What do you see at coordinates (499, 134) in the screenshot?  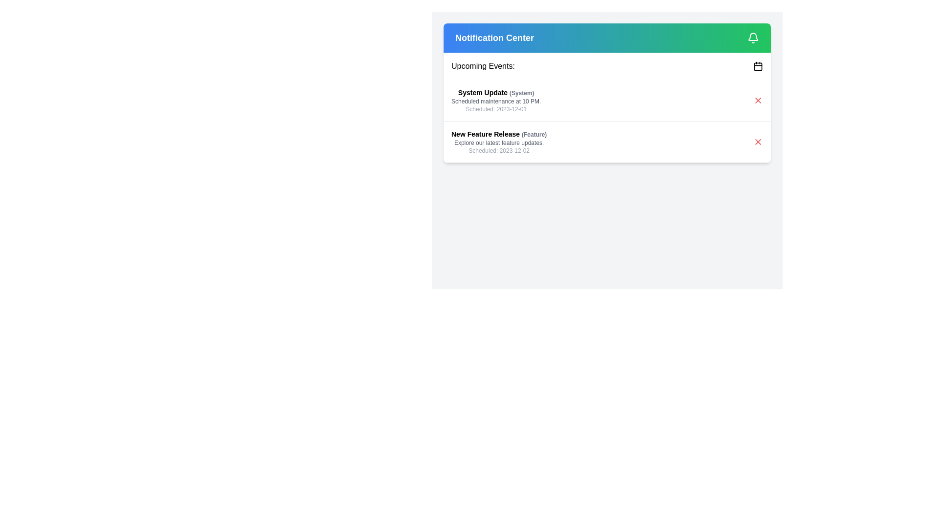 I see `the Text Label that acts as a title or header for a notification entry summarizing the notification's topic, located within the 'Notification Center' under 'Upcoming Events'` at bounding box center [499, 134].